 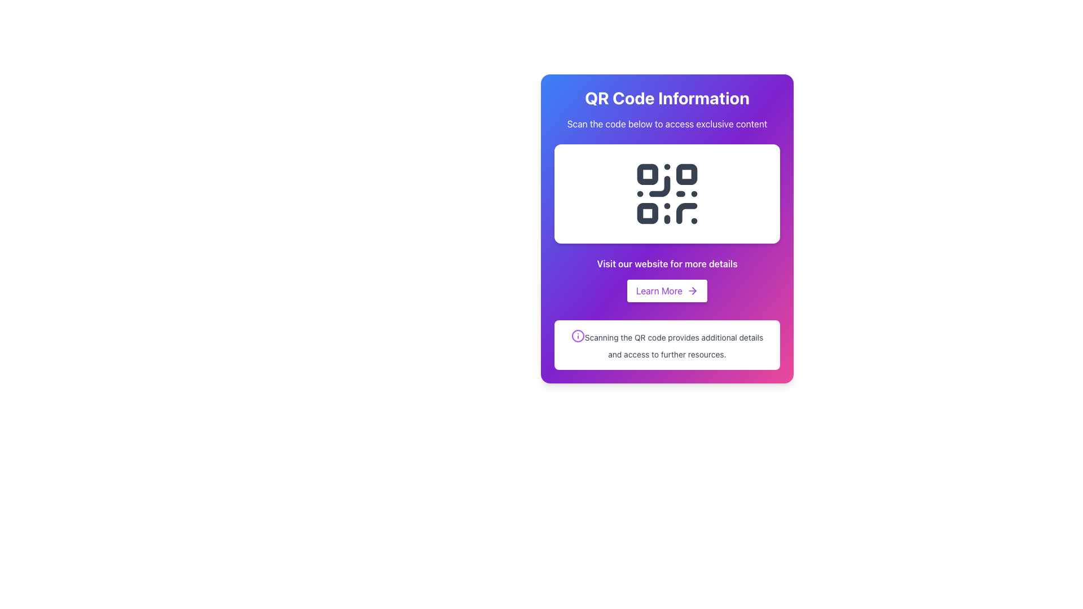 I want to click on the decorative graphical circle that is part of the information icon located to the left of the text 'Scanning the QR code...' in the bottom segment of the QR code information panel, so click(x=578, y=336).